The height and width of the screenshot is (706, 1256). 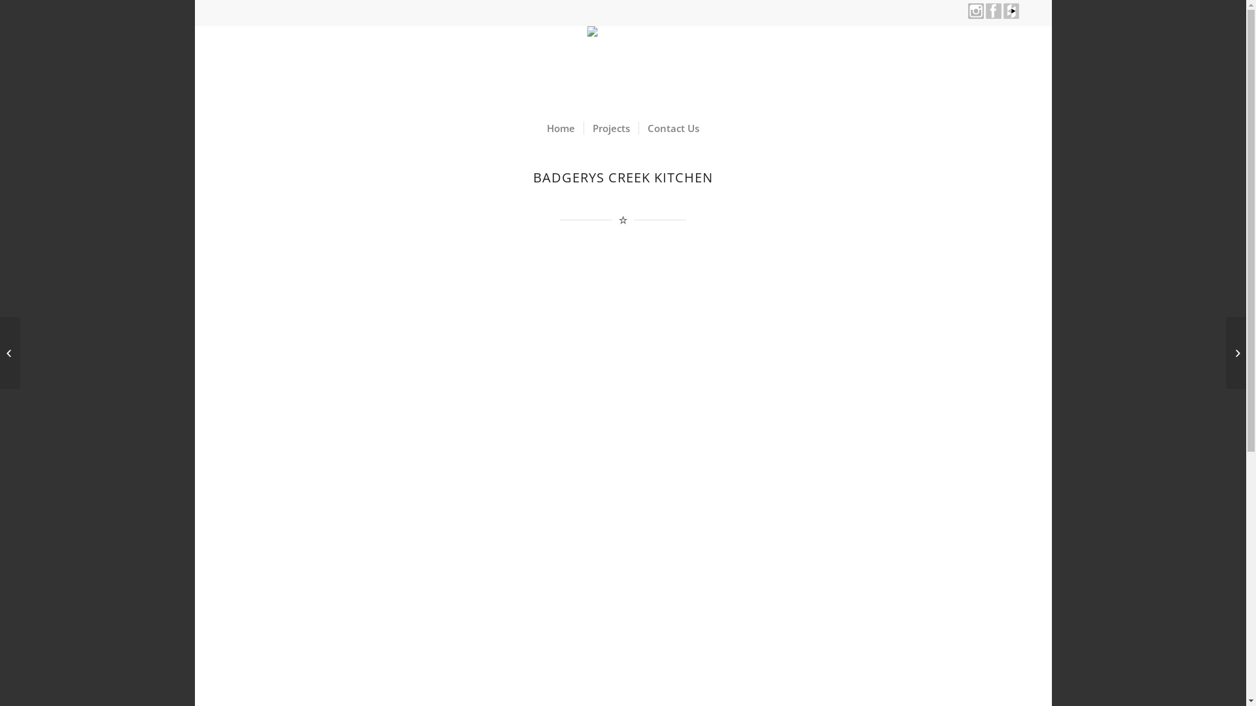 I want to click on 'Projects', so click(x=610, y=128).